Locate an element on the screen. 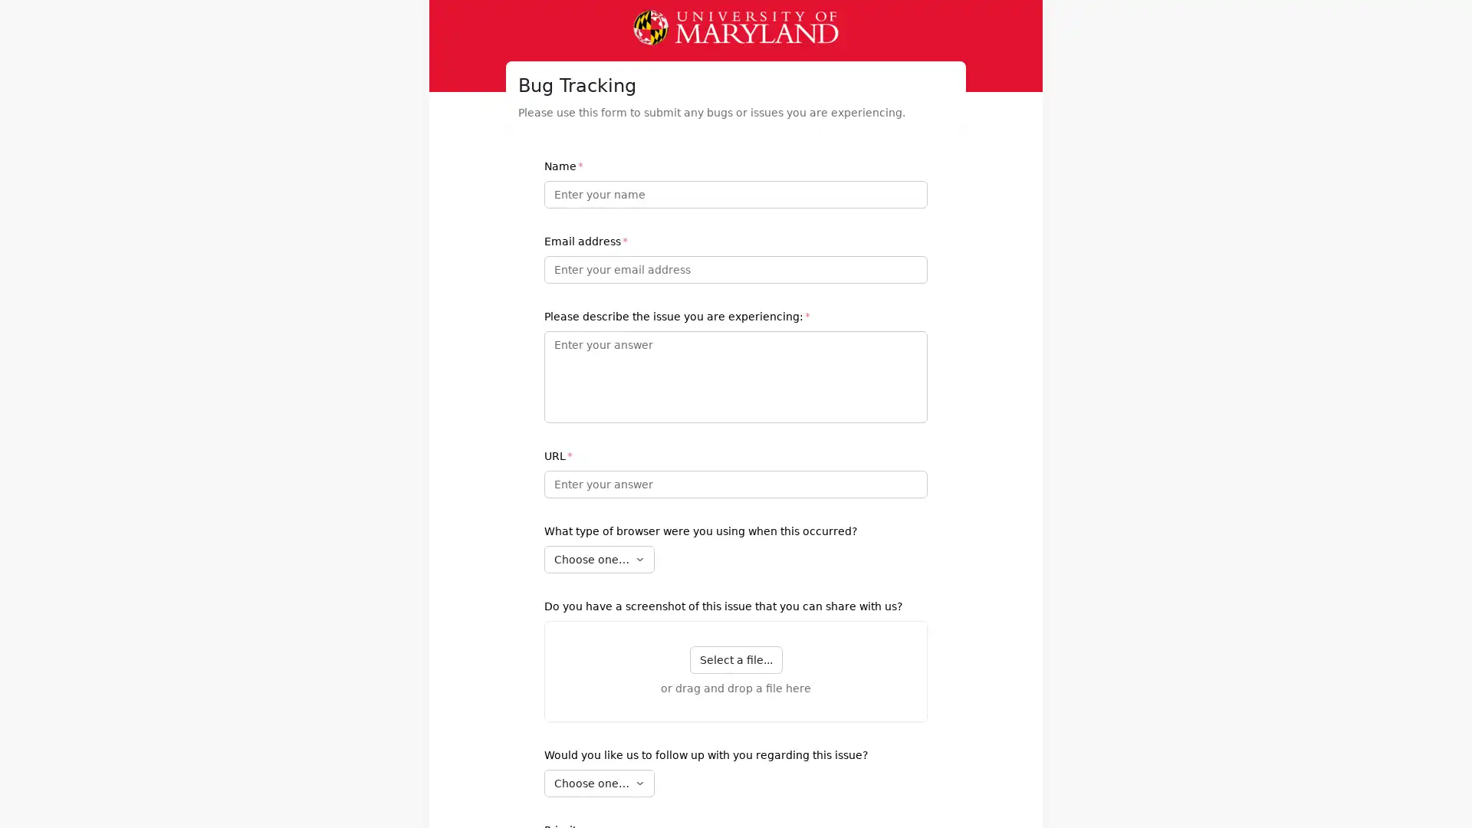 The width and height of the screenshot is (1472, 828). Choose one... is located at coordinates (599, 559).